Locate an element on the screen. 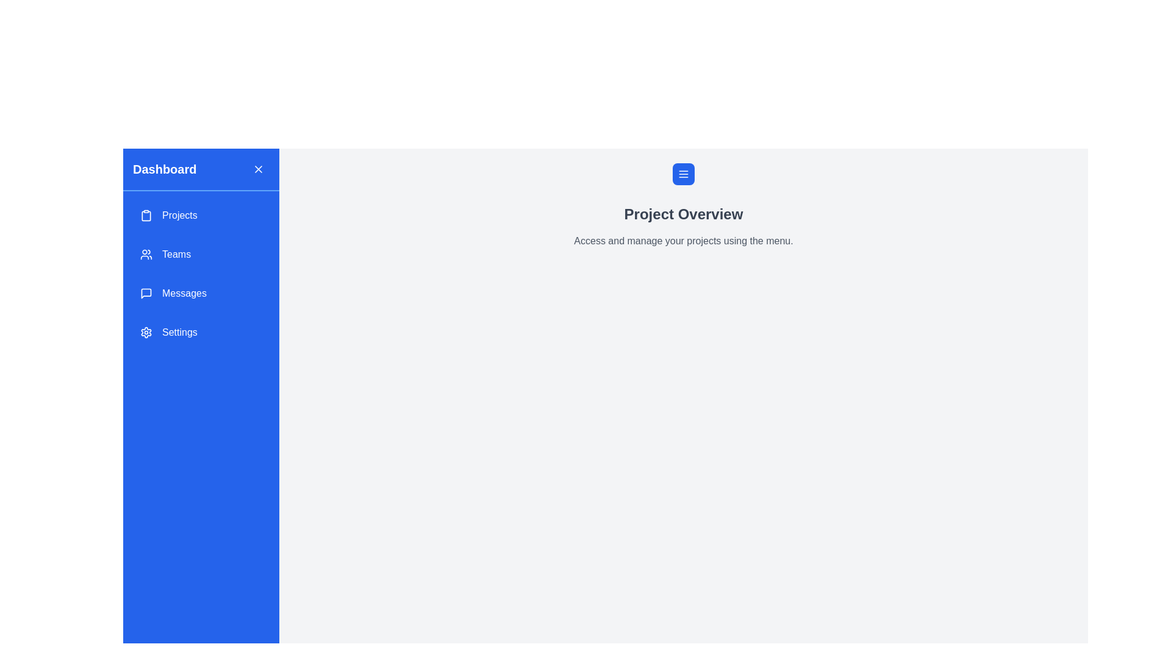  the Close or cancel button located in the top-right corner of the blue sidebar, next to the 'Dashboard' text is located at coordinates (257, 169).